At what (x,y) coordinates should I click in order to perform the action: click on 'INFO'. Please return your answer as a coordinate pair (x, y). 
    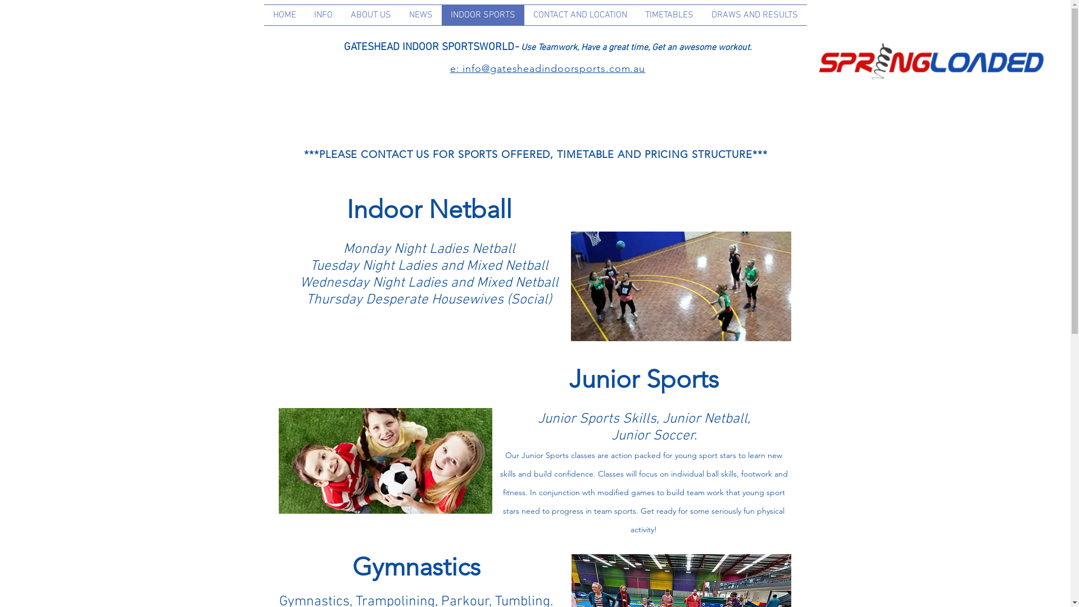
    Looking at the image, I should click on (322, 15).